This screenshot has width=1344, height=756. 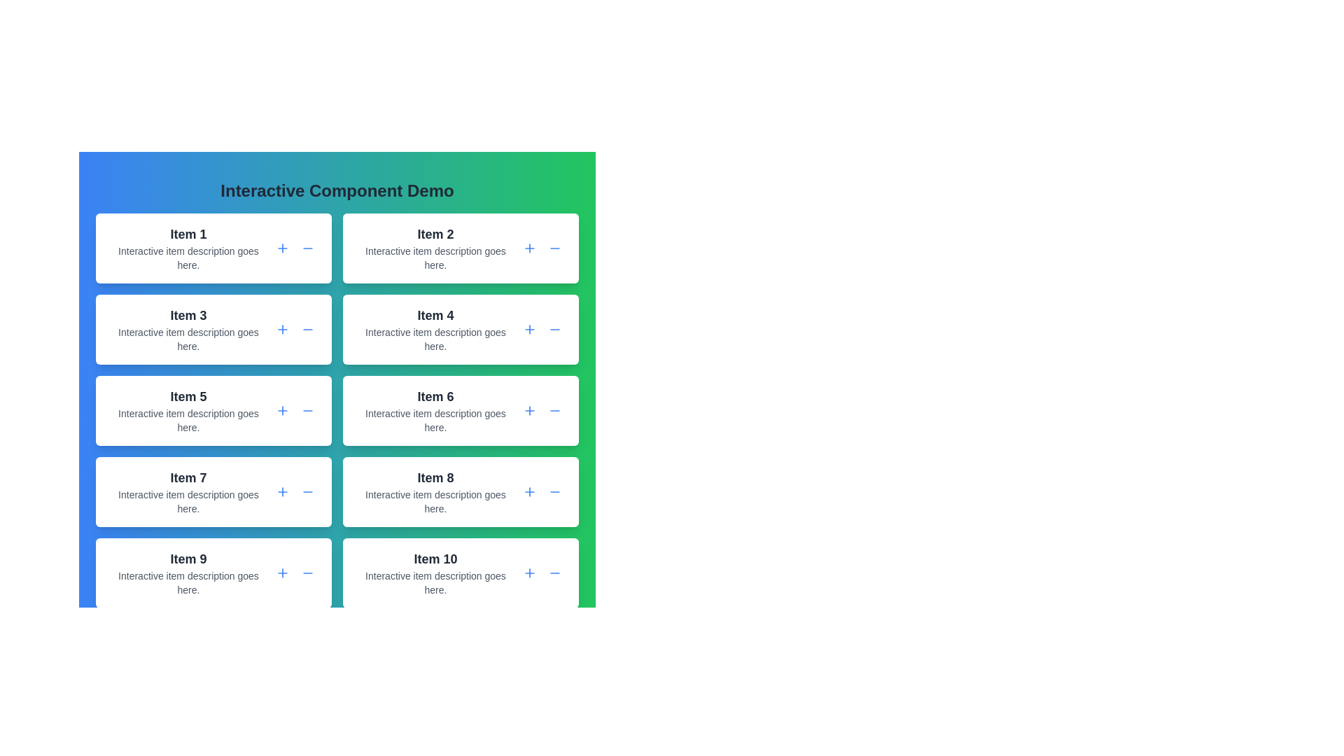 I want to click on the text label that identifies the fifth item in the list, so click(x=188, y=397).